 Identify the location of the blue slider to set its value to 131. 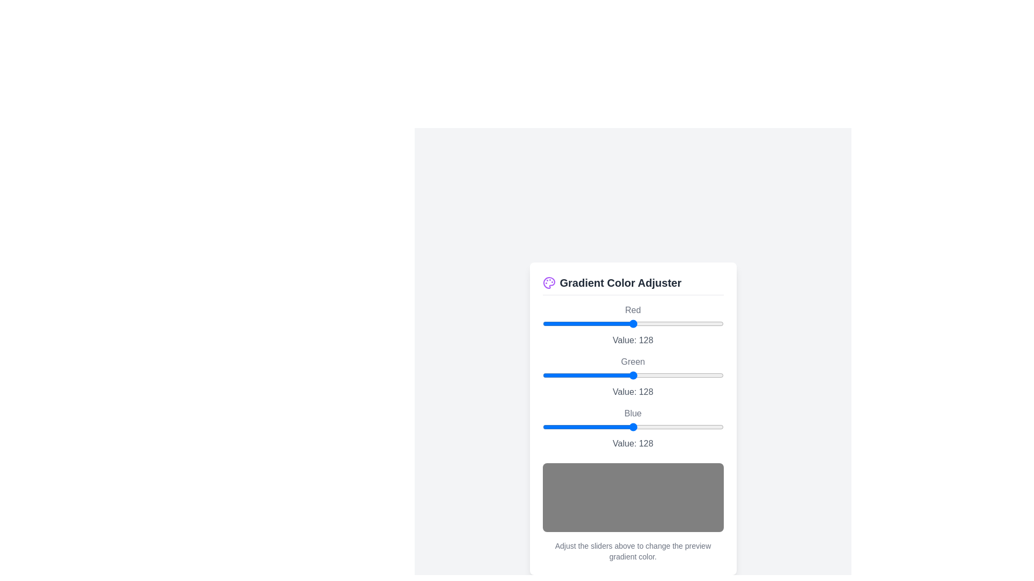
(635, 426).